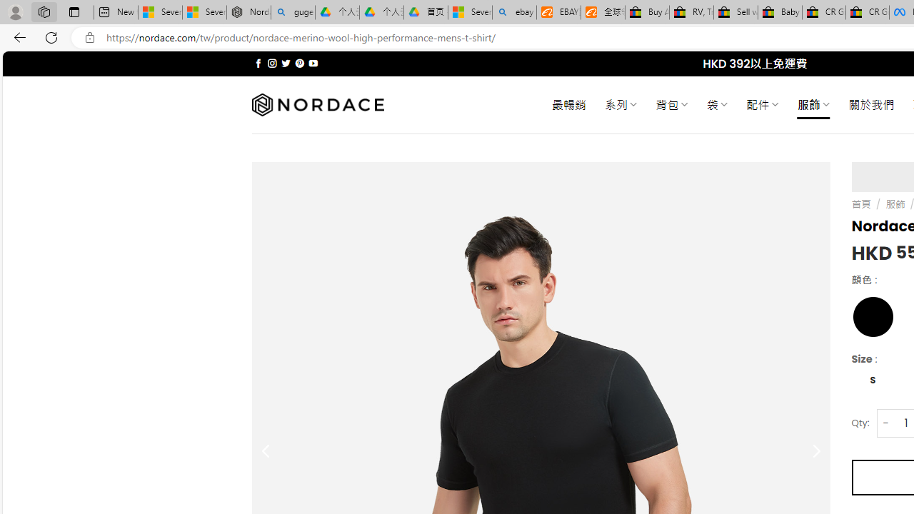 This screenshot has width=914, height=514. I want to click on 'Buy Auto Parts & Accessories | eBay', so click(646, 12).